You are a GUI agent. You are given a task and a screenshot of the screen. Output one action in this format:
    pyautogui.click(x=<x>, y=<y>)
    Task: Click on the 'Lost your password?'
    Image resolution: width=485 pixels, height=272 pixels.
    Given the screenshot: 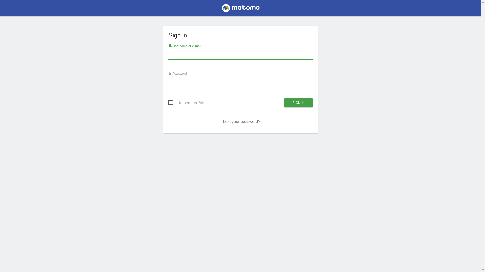 What is the action you would take?
    pyautogui.click(x=223, y=121)
    